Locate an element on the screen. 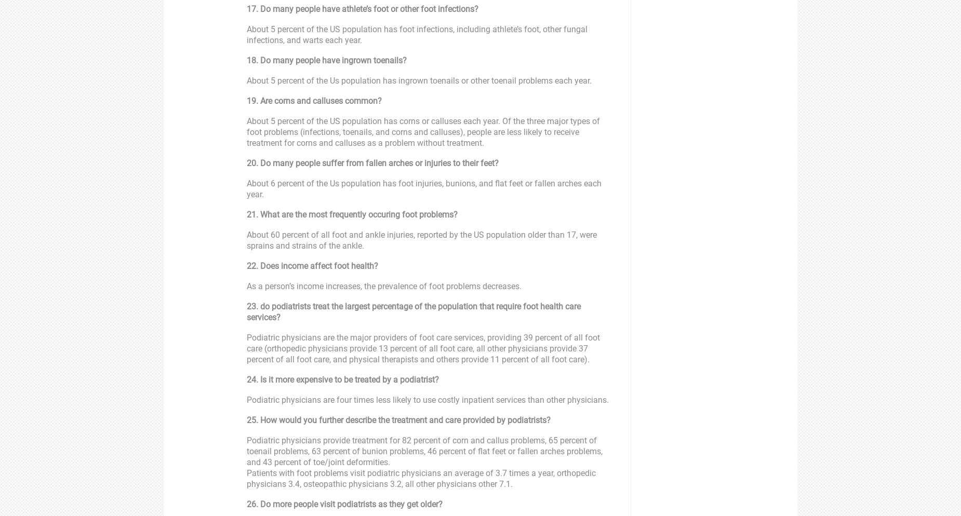  '23. do podiatrists treat the largest percentage of the population that require foot health care services?' is located at coordinates (247, 311).